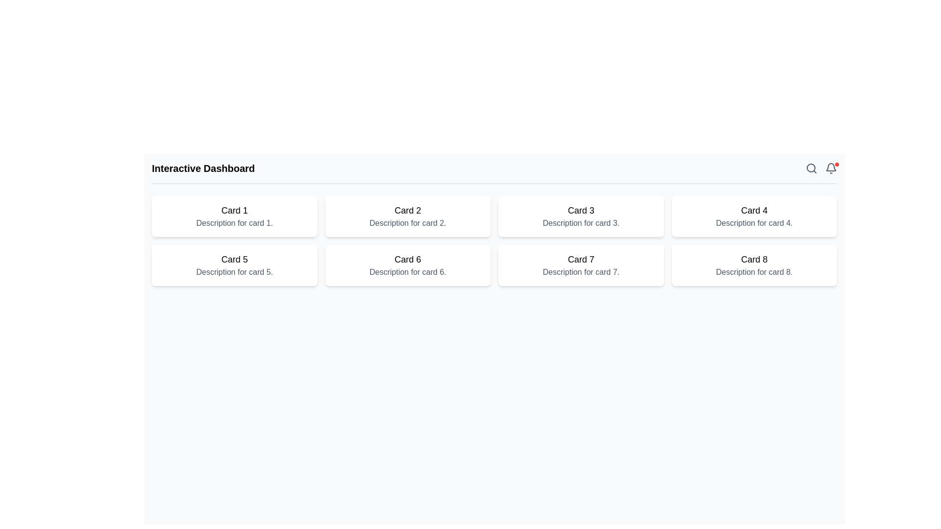 Image resolution: width=941 pixels, height=529 pixels. Describe the element at coordinates (754, 265) in the screenshot. I see `the eighth card in the grid layout, which serves as a visual component summarizing or linking to content` at that location.